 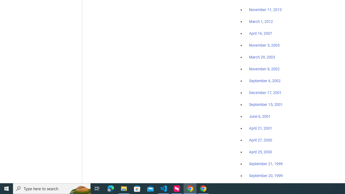 I want to click on 'September 20, 1999', so click(x=266, y=175).